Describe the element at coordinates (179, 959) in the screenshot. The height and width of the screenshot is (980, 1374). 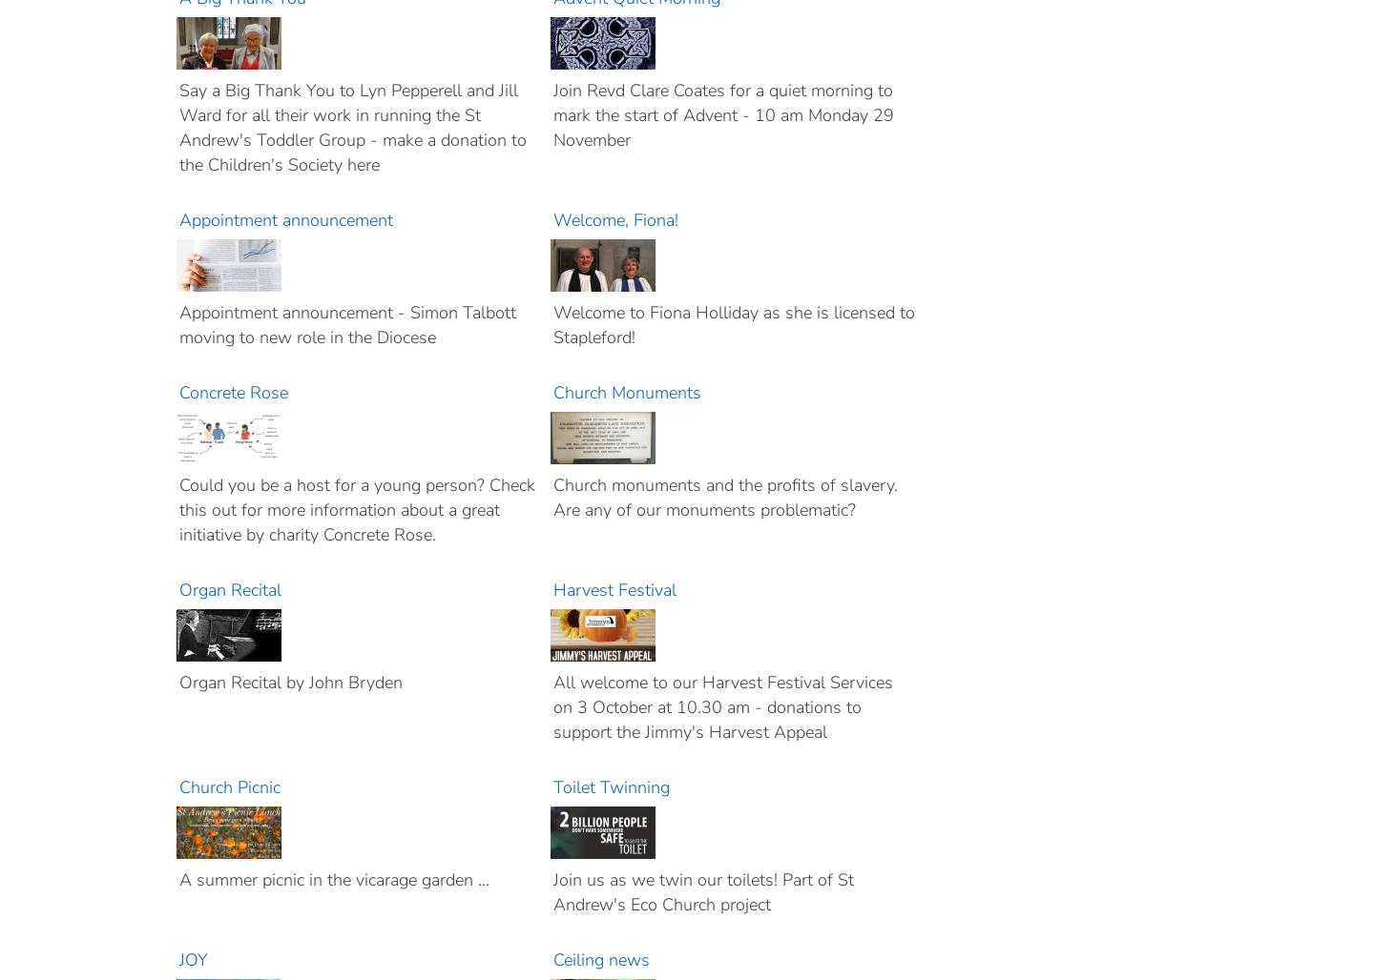
I see `'JOY'` at that location.